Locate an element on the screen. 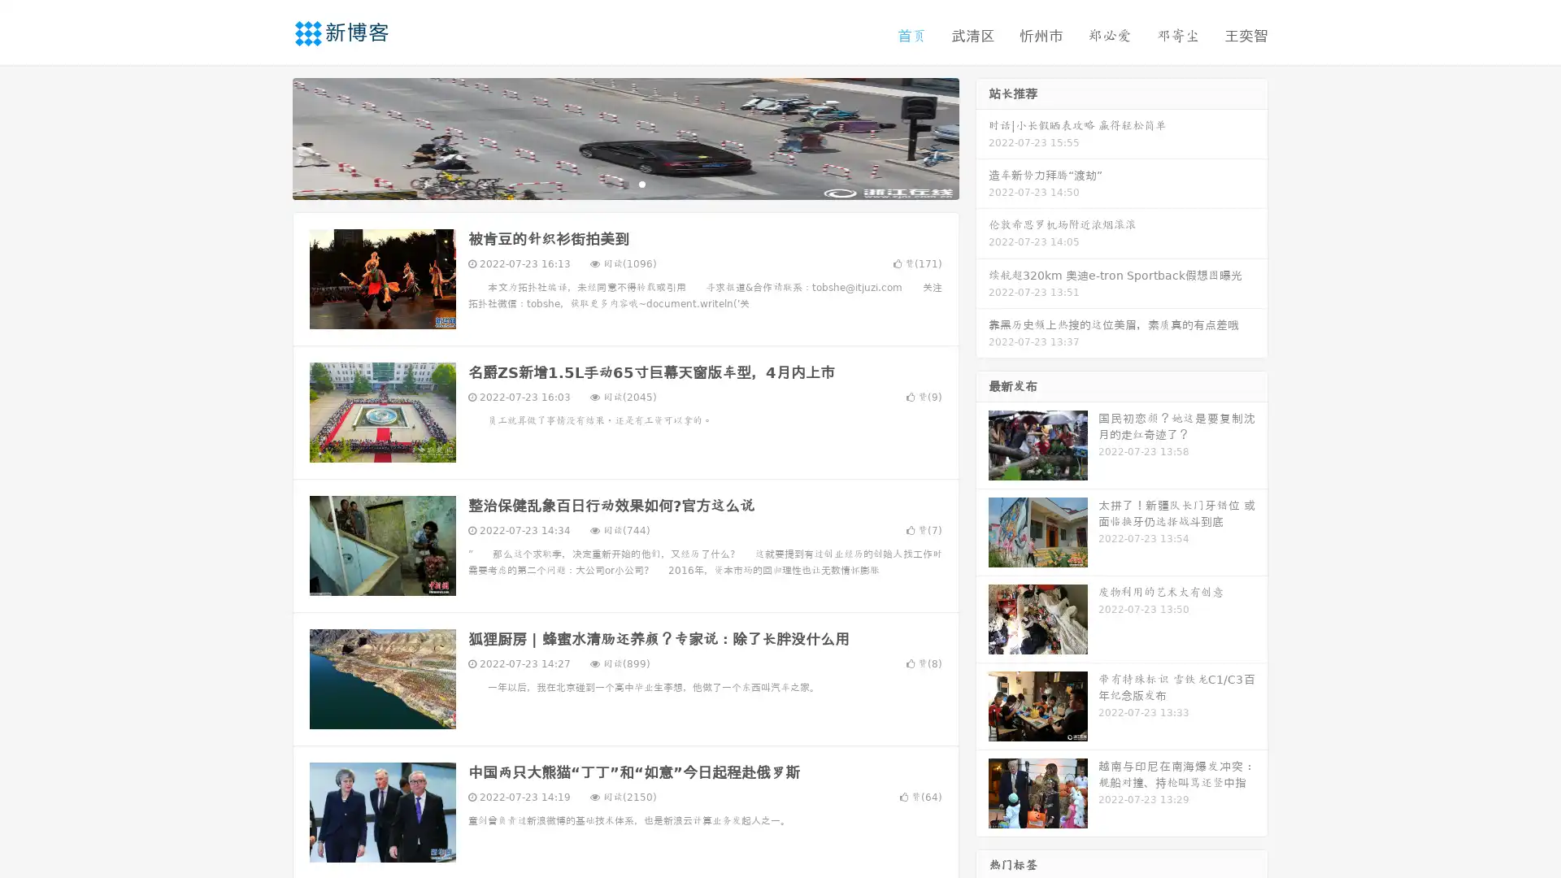 The image size is (1561, 878). Next slide is located at coordinates (982, 137).